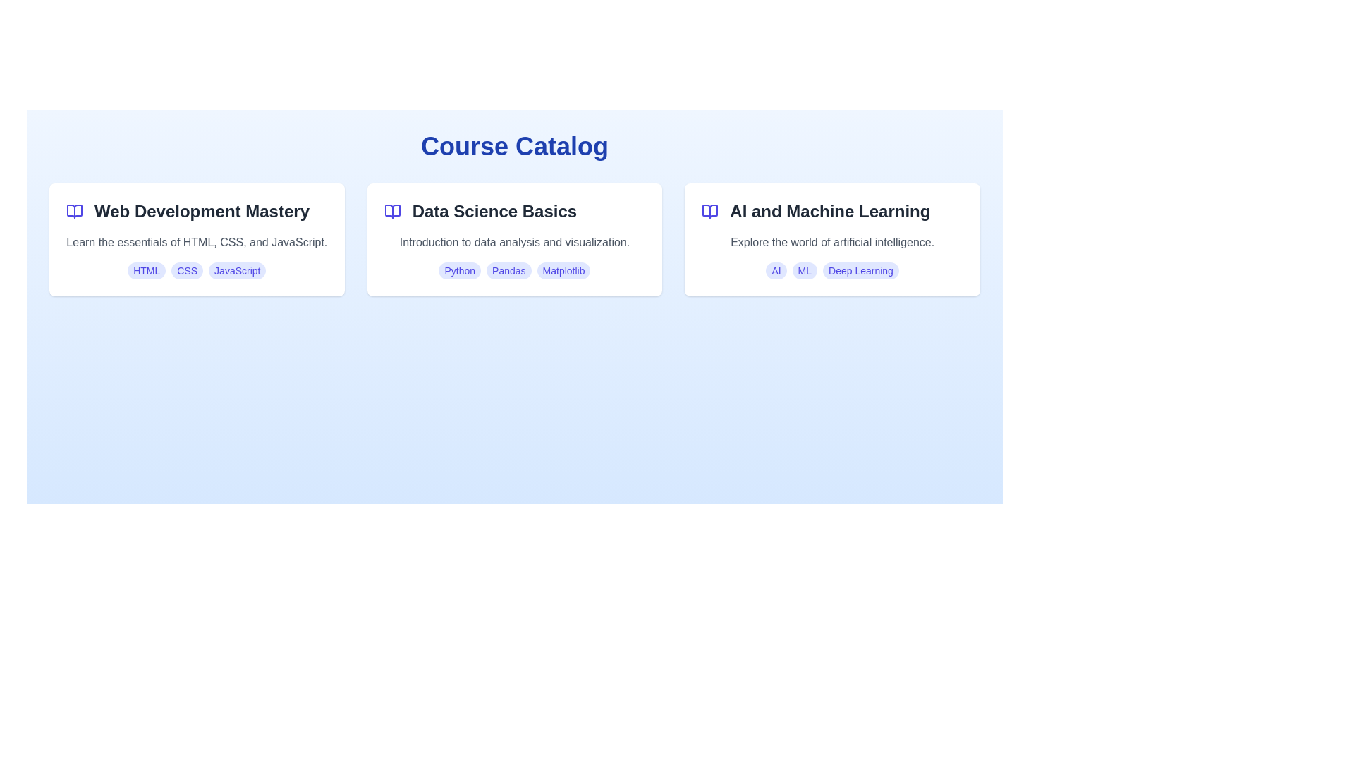 The width and height of the screenshot is (1354, 762). I want to click on the 'CSS' tag within the 'Web Development Mastery' section, which is located between the 'HTML' and 'JavaScript' badges, so click(186, 271).